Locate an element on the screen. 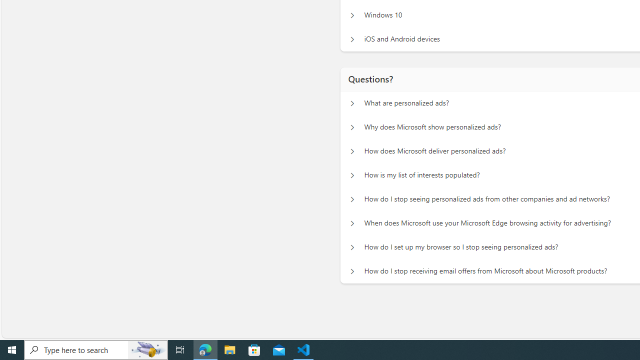 This screenshot has height=360, width=640. 'Questions? Why does Microsoft show personalized ads?' is located at coordinates (352, 127).